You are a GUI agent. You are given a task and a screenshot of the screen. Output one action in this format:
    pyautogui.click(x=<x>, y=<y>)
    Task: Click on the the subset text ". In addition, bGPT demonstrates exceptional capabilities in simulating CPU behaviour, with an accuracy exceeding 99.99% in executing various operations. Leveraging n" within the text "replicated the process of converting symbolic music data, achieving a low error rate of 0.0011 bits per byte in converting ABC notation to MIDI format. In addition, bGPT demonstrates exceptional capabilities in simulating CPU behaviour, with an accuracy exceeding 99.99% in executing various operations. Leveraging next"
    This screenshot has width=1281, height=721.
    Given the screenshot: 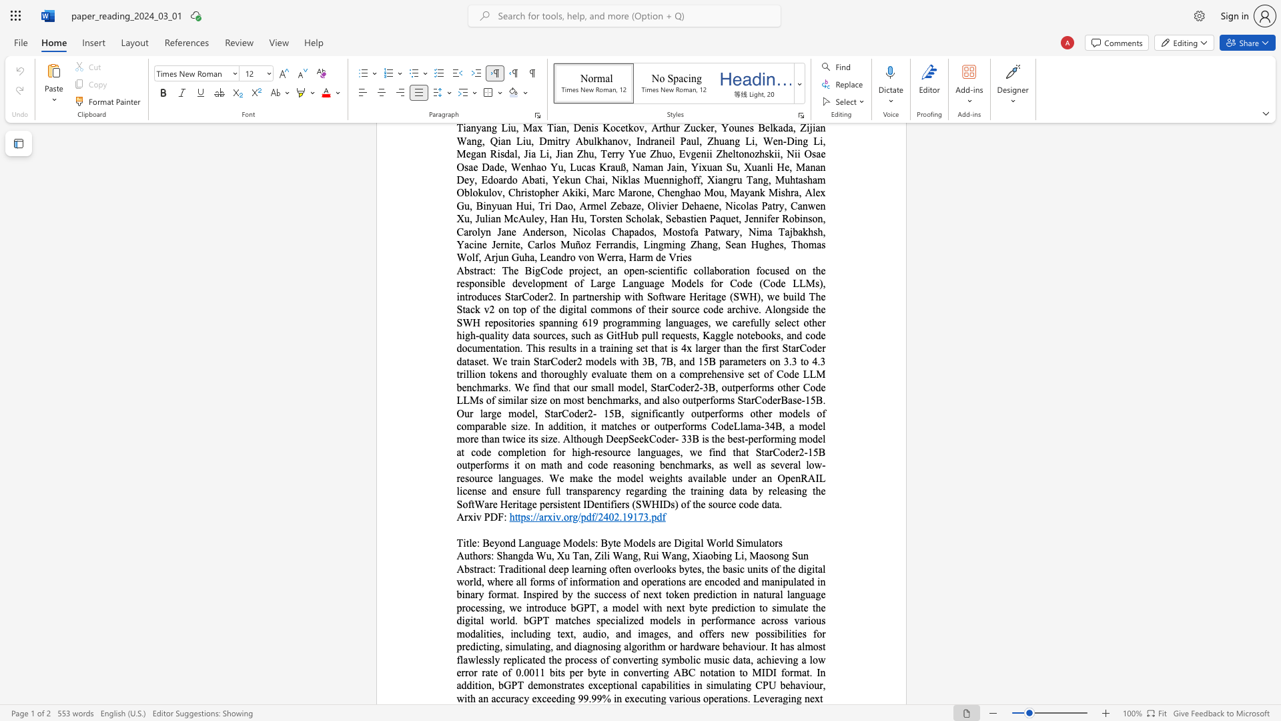 What is the action you would take?
    pyautogui.click(x=809, y=672)
    